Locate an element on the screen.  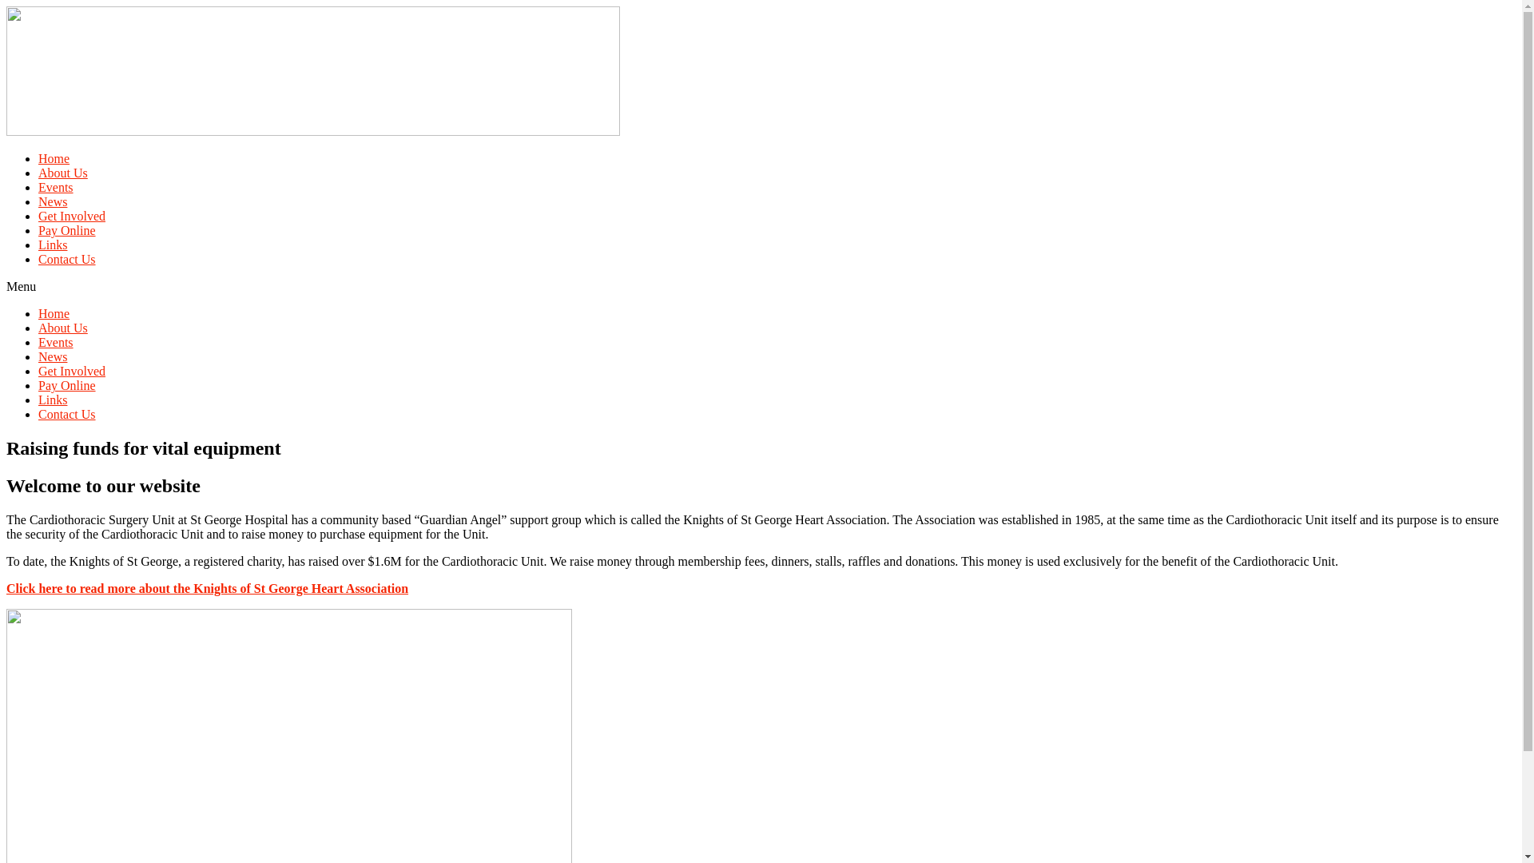
'Home' is located at coordinates (54, 158).